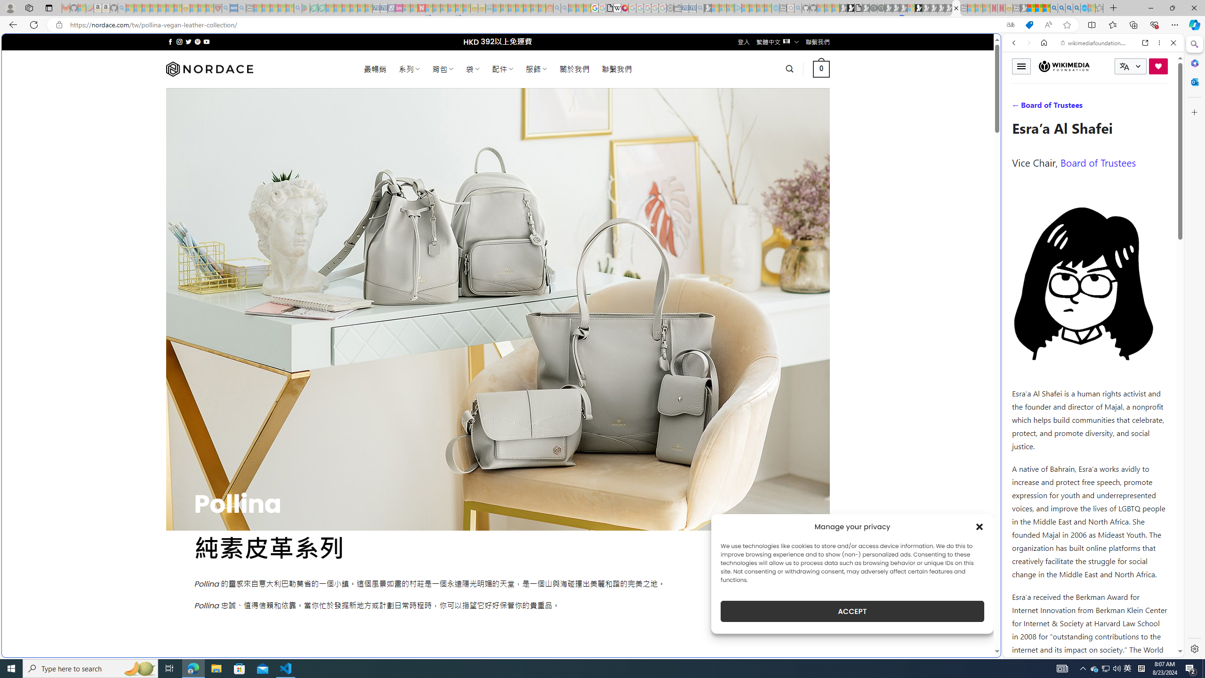 This screenshot has width=1205, height=678. I want to click on 'Add this page to favorites (Ctrl+D)', so click(1067, 25).